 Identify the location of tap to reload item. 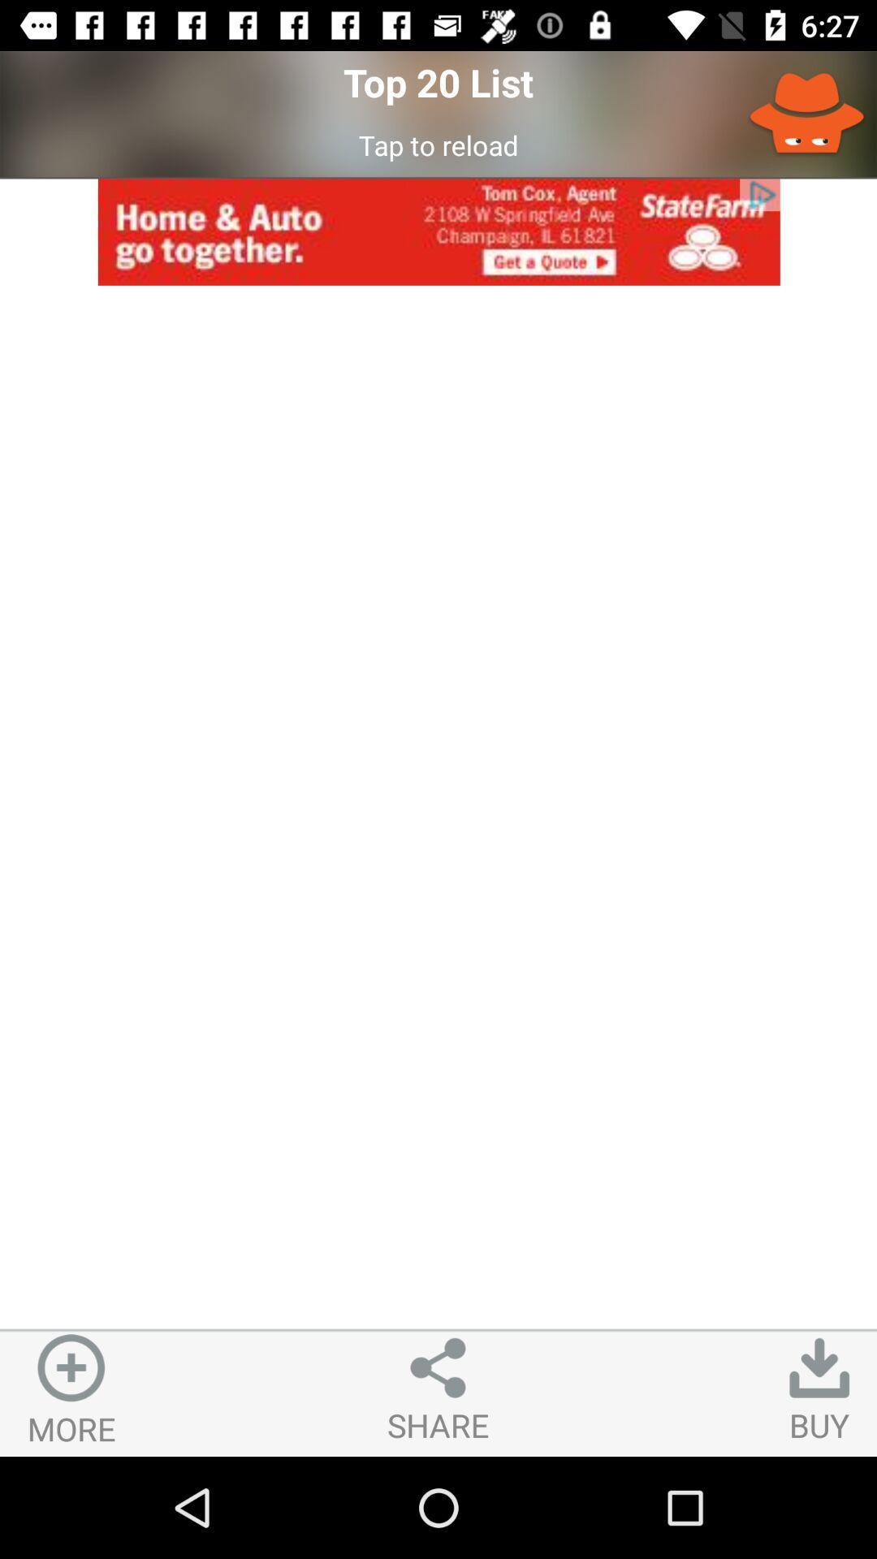
(438, 145).